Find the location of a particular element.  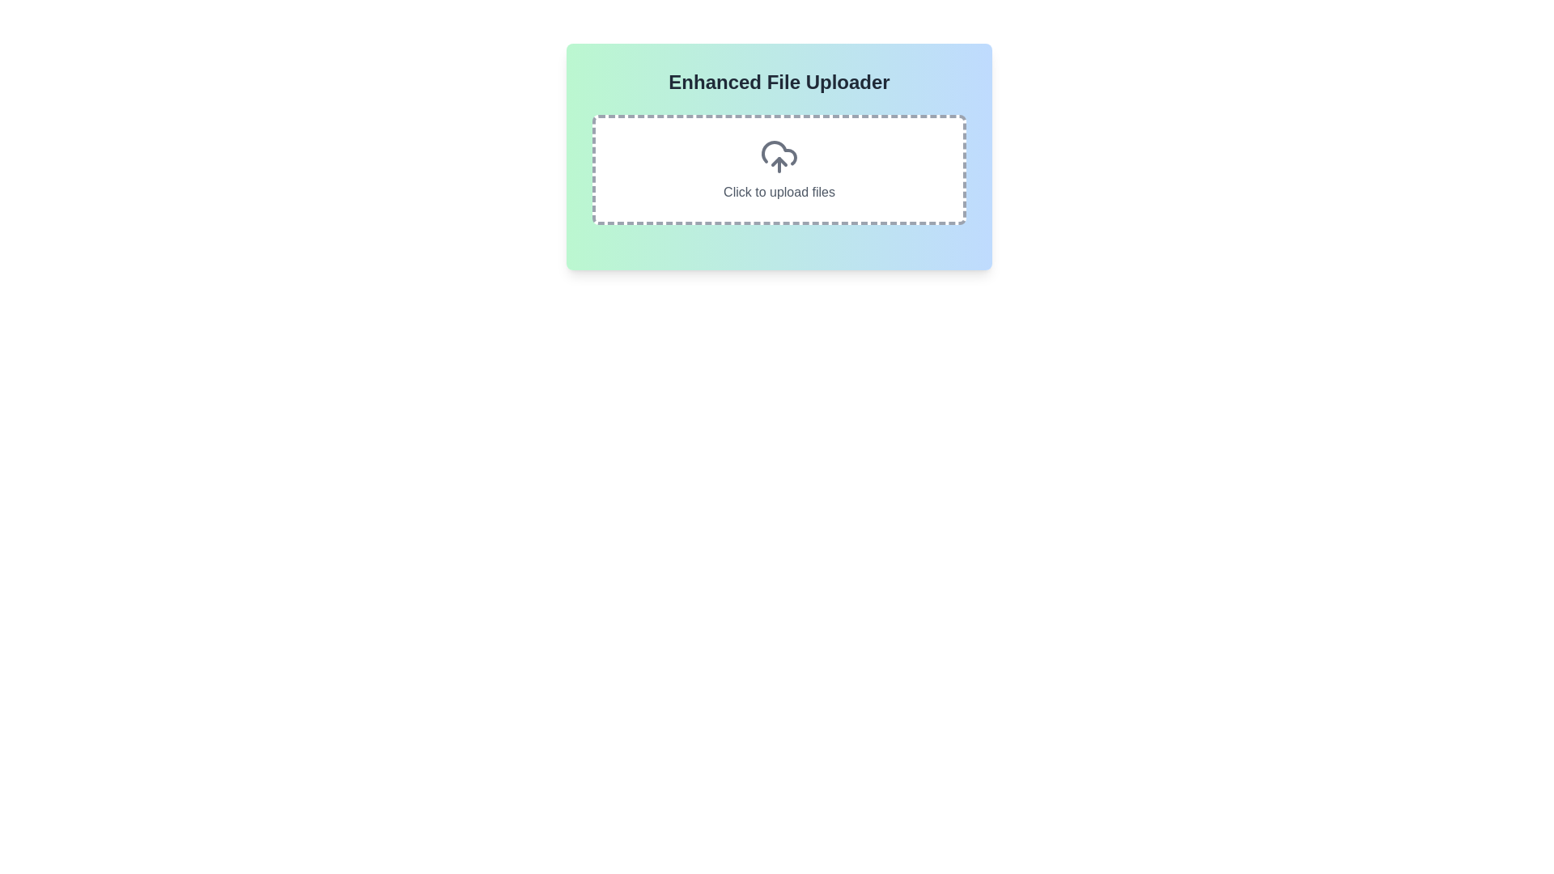

the cloud icon with an upward pointing arrow, which is styled in a simple outline and gray color is located at coordinates (779, 156).